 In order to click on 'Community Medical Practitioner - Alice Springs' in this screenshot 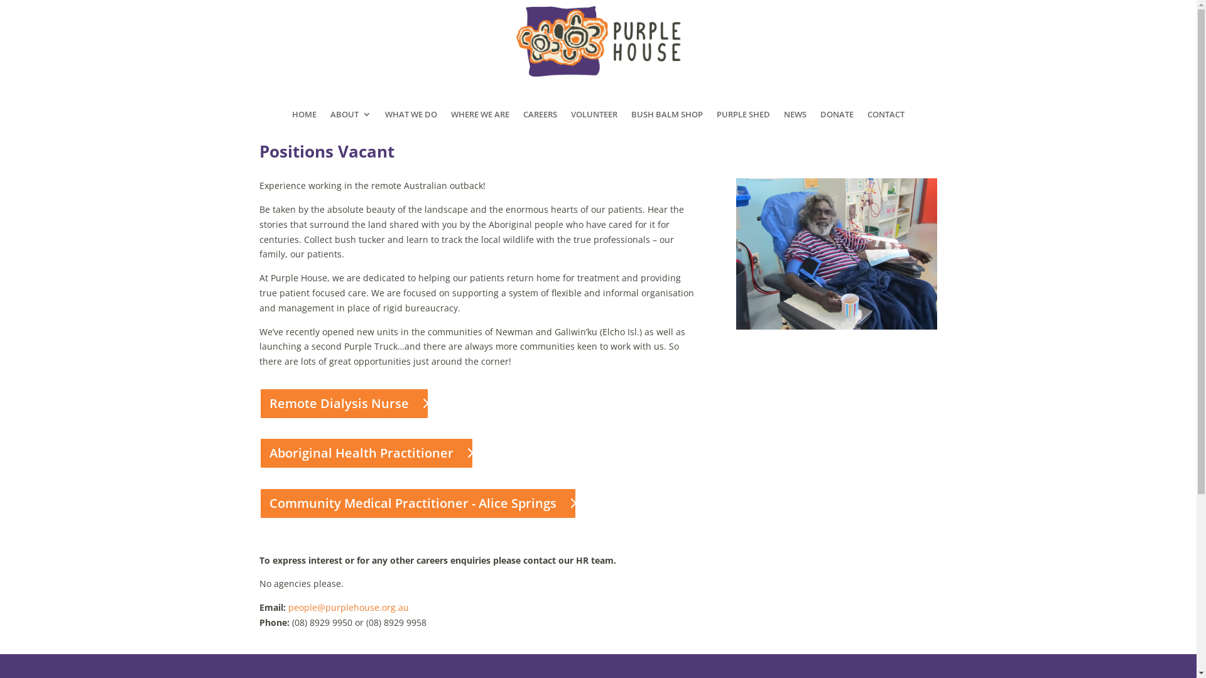, I will do `click(417, 503)`.